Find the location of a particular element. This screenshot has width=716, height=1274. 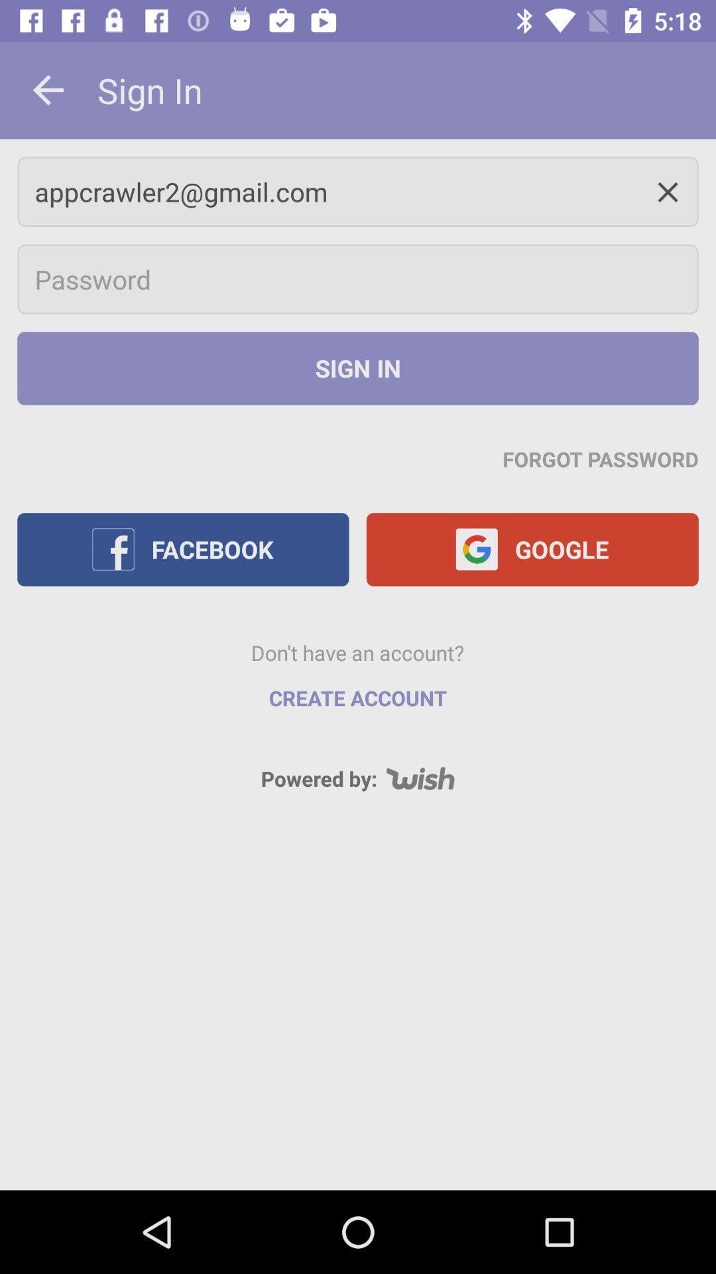

item below don t have is located at coordinates (358, 697).